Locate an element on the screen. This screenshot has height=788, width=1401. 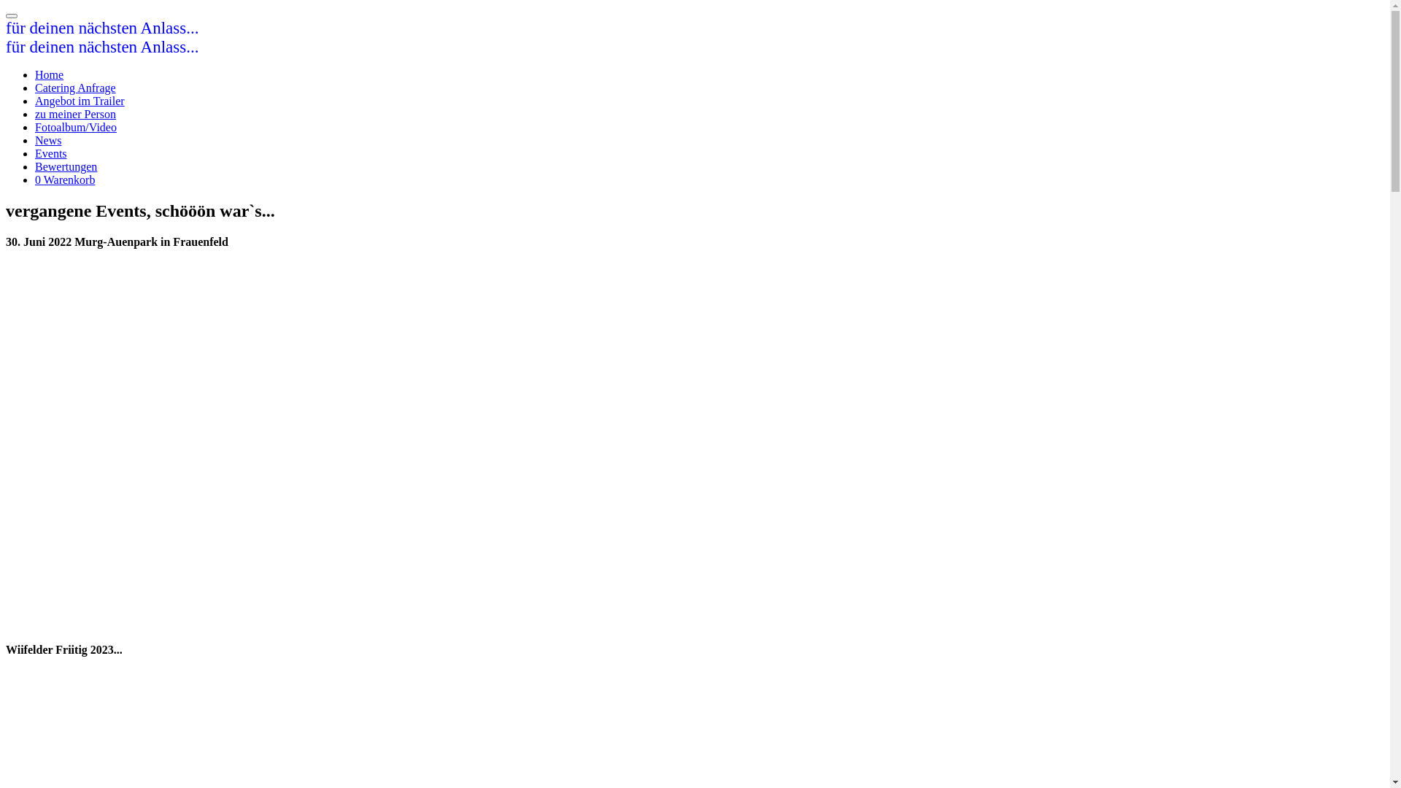
'News' is located at coordinates (48, 140).